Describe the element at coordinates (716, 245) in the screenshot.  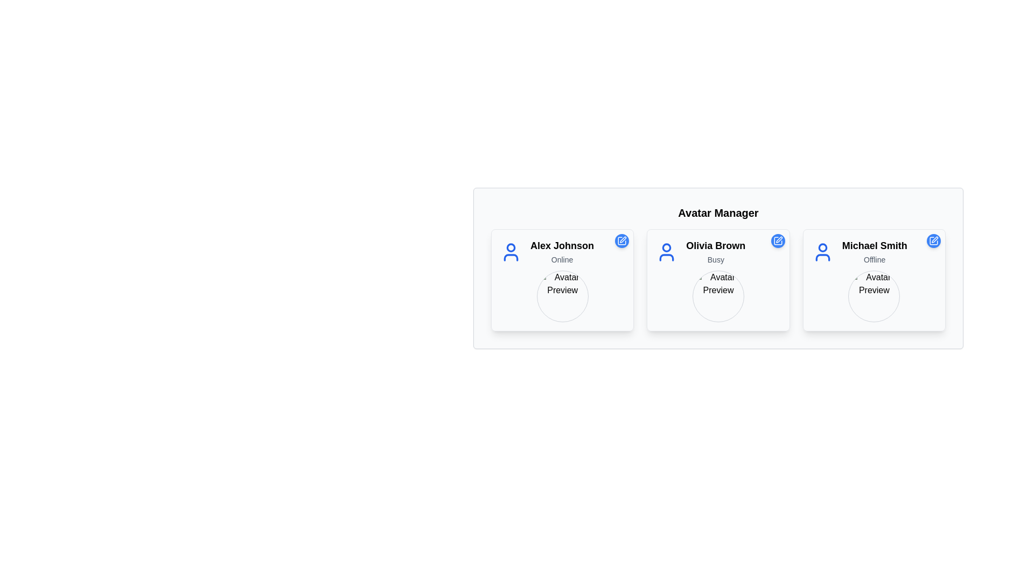
I see `the user name text label displaying 'Olivia Brown' in the middle card of a three-card layout` at that location.